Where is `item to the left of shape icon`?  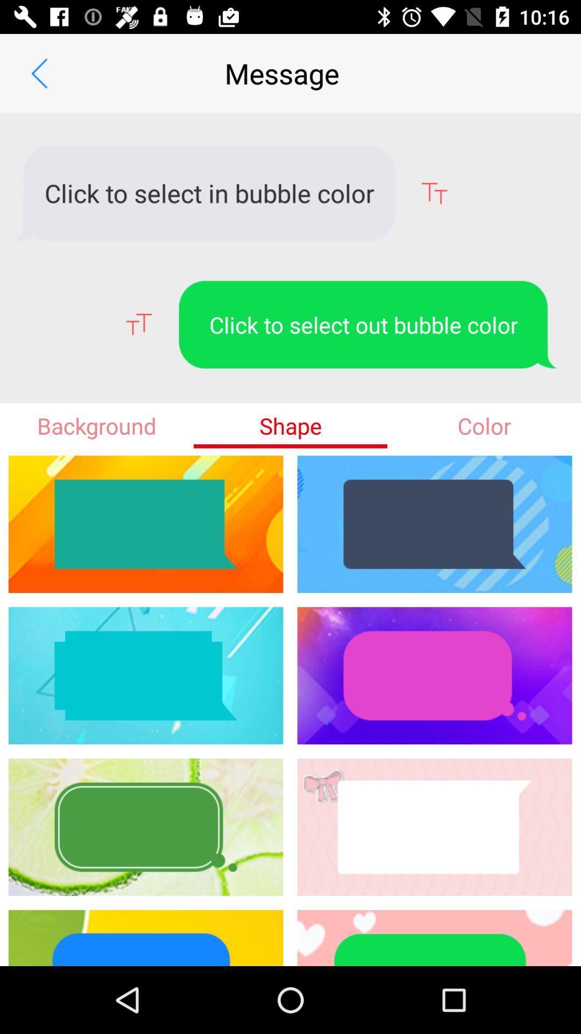 item to the left of shape icon is located at coordinates (97, 425).